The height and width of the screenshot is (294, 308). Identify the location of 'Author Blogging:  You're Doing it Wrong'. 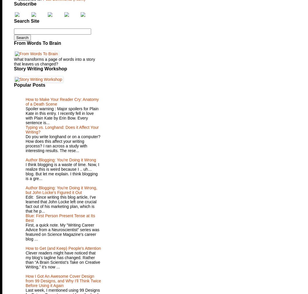
(61, 160).